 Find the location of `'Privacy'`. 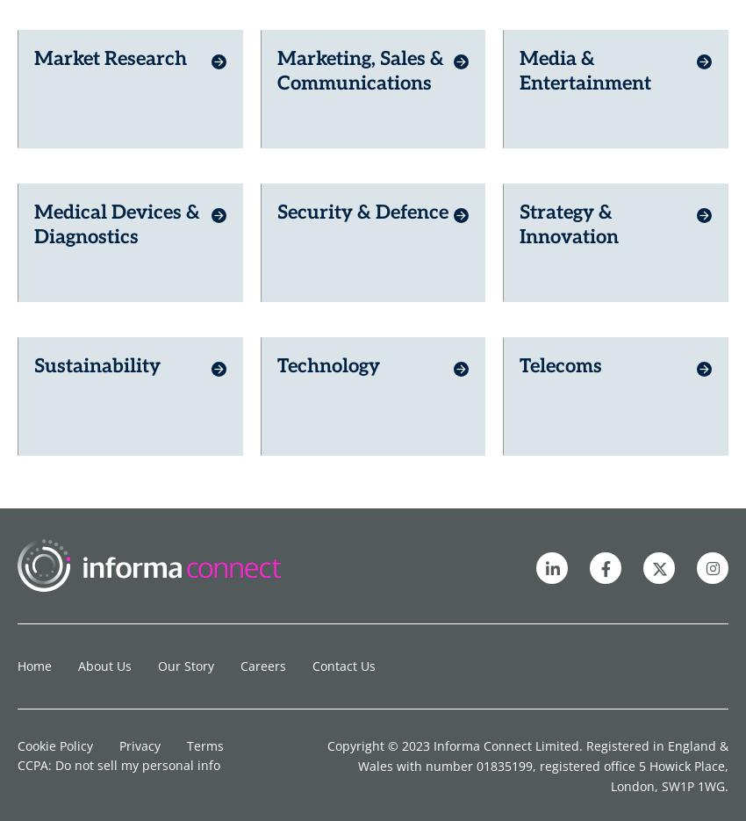

'Privacy' is located at coordinates (140, 714).